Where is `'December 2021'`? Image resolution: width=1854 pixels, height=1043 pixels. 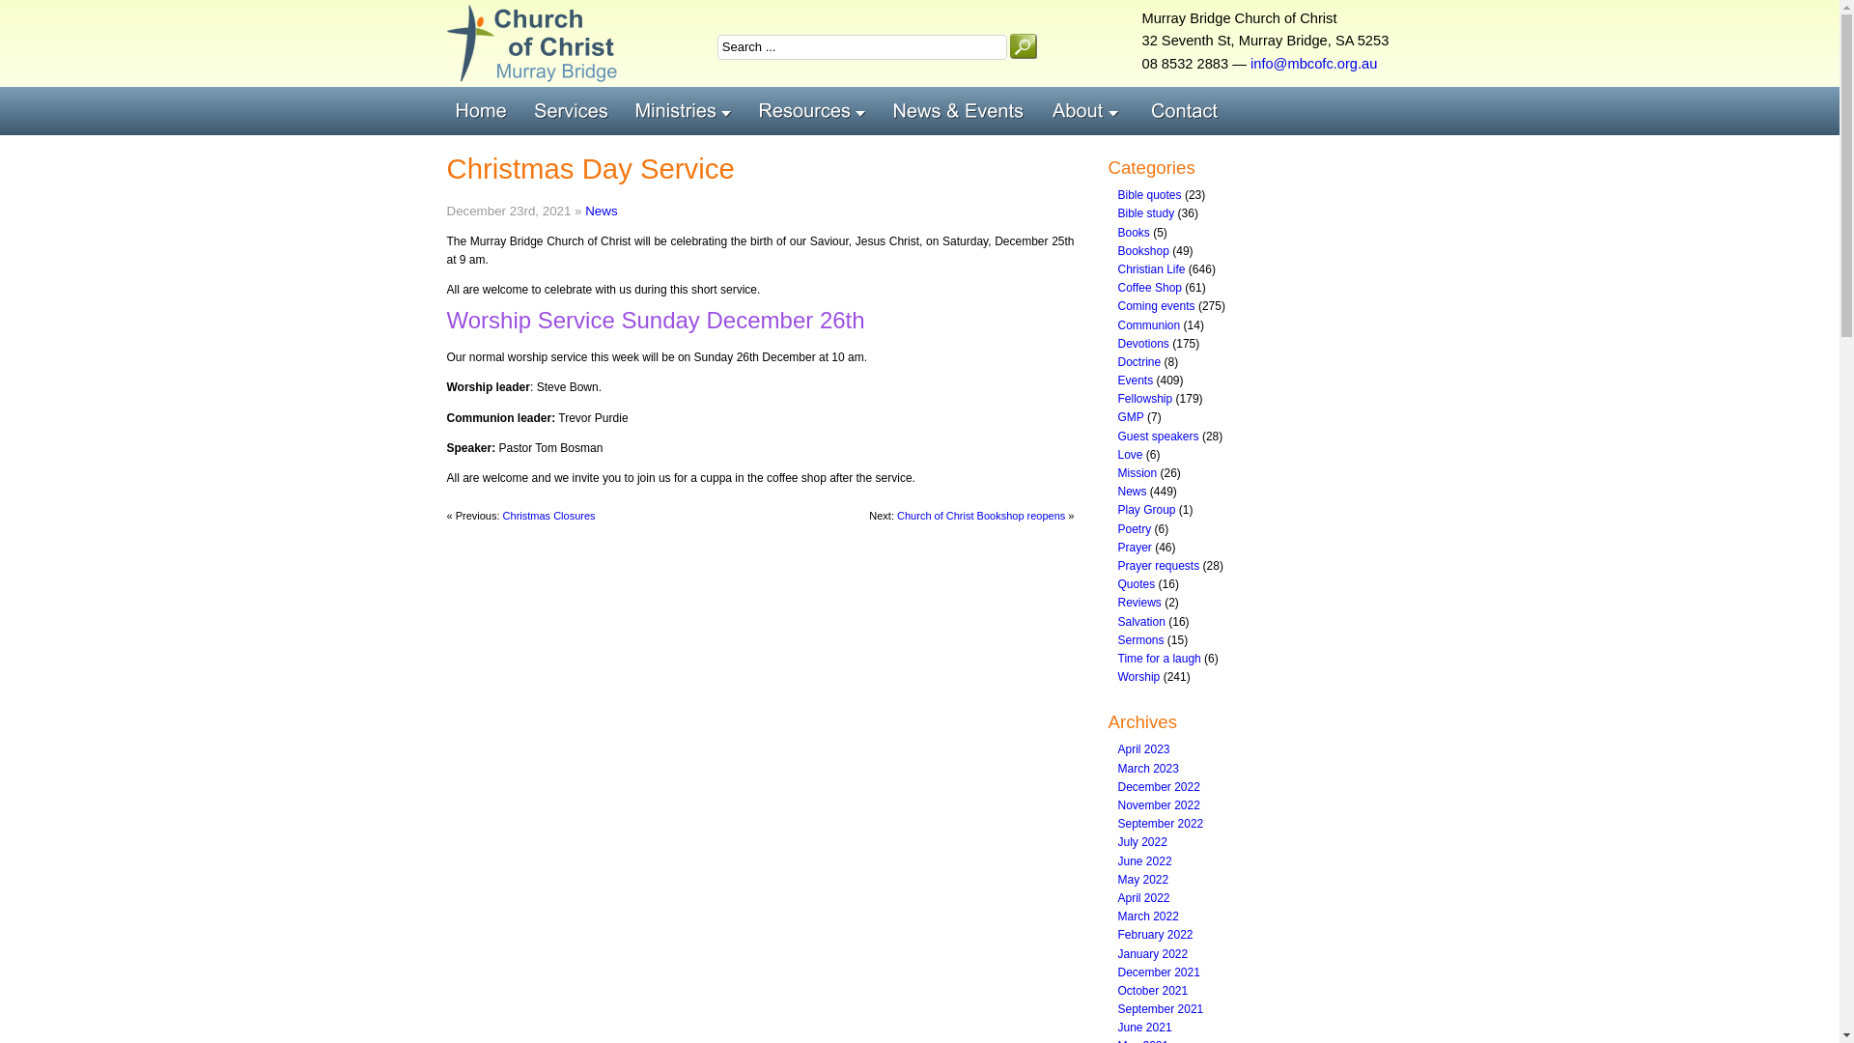
'December 2021' is located at coordinates (1117, 972).